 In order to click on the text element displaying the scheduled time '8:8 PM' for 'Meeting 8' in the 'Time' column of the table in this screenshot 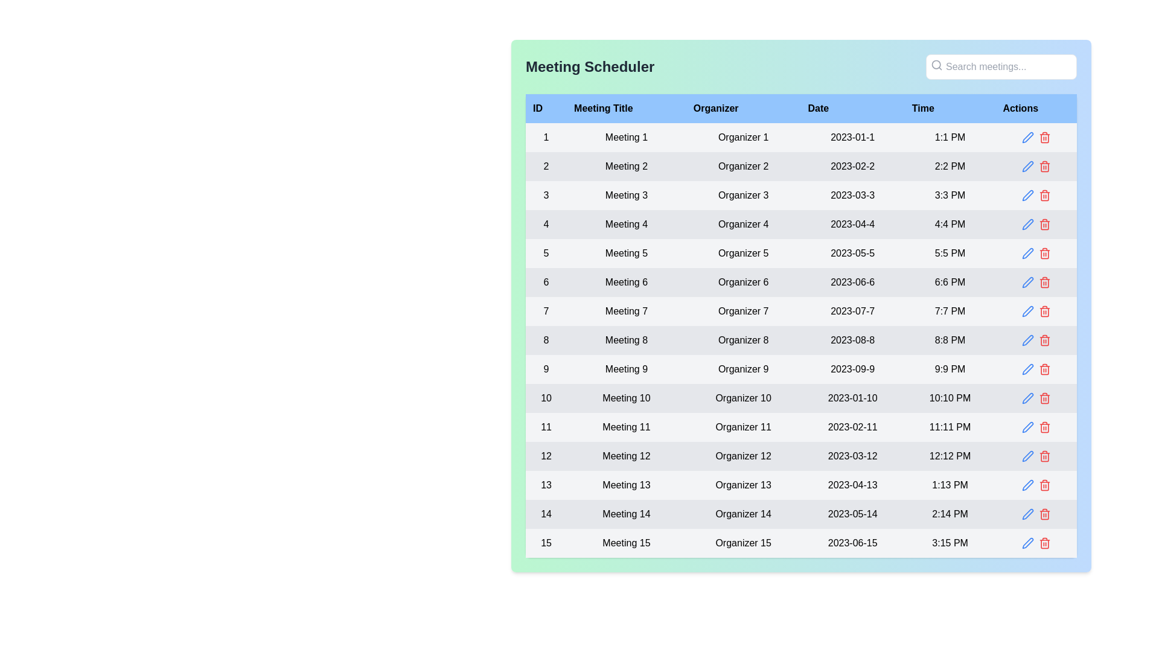, I will do `click(950, 340)`.